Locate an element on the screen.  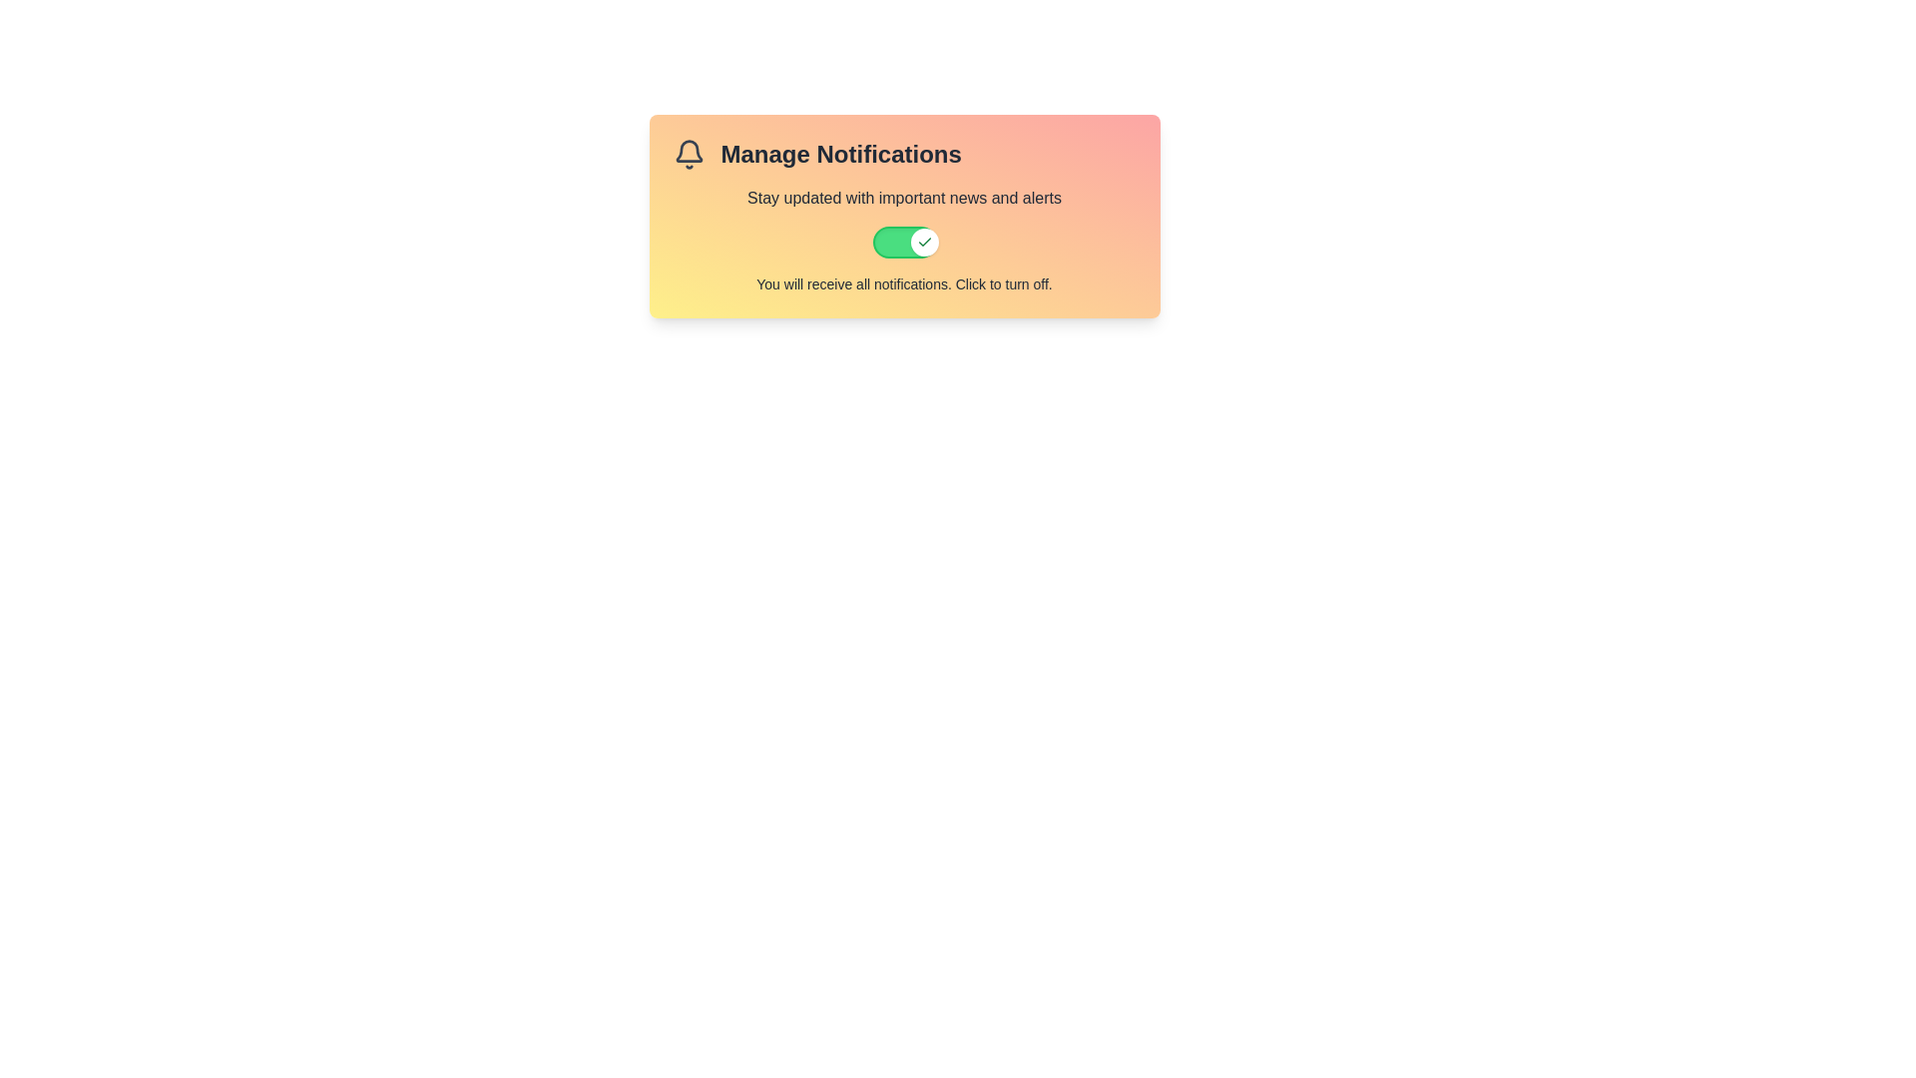
the notification icon located on the left side of the panel, adjacent to the 'Manage Notifications' title, which serves as a visual cue for alerts or reminders is located at coordinates (689, 153).